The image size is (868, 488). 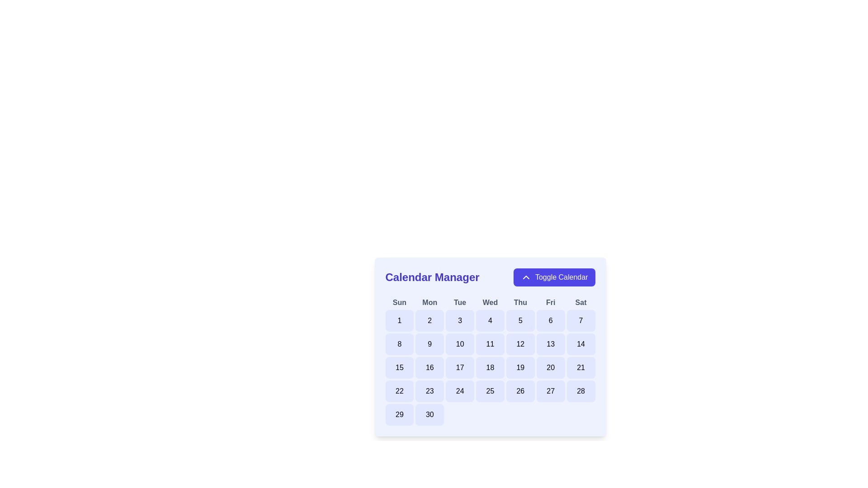 I want to click on the 'Sun' text label, which is the first item in a horizontal grid row representing the days of the week, styled in bold, dark gray font, so click(x=399, y=303).